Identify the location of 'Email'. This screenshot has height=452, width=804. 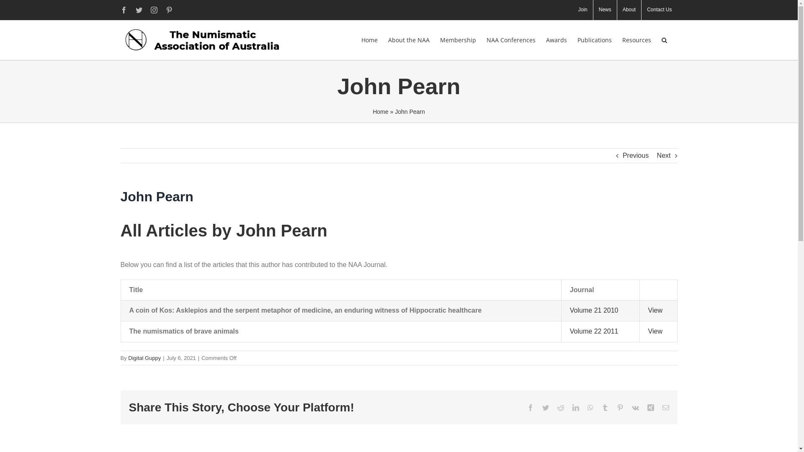
(665, 407).